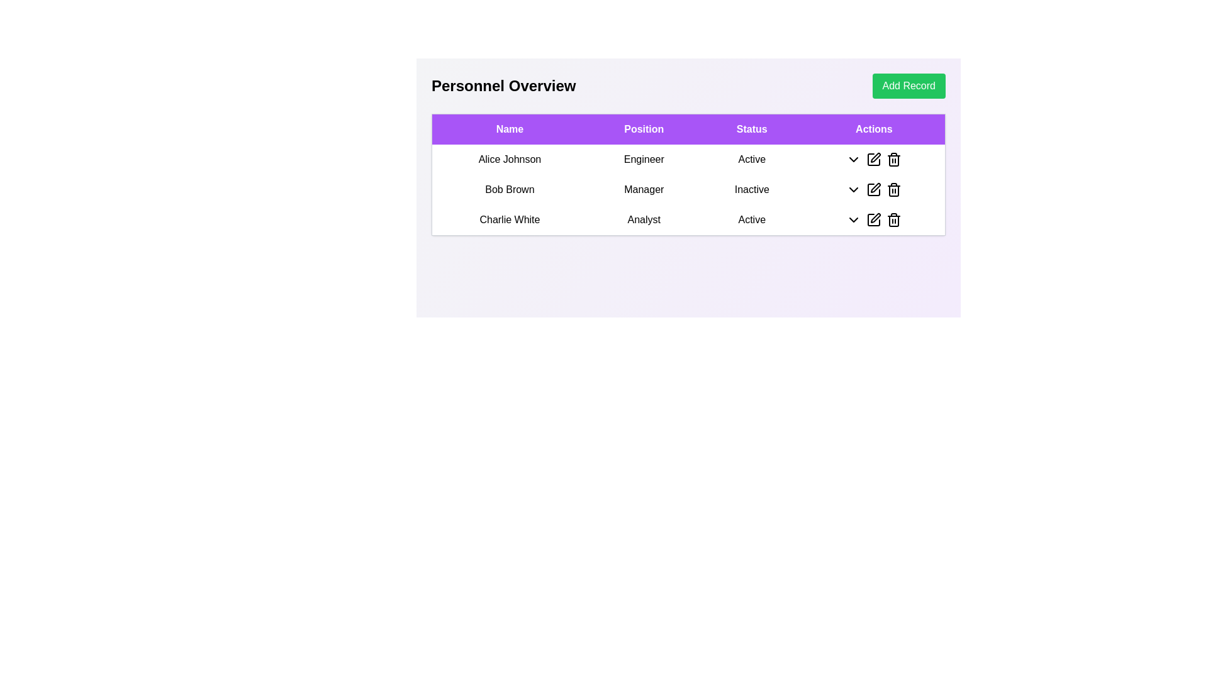  I want to click on the text label displaying 'Engineer' located in the second column of the personnel information table, under the header 'Position', so click(644, 159).